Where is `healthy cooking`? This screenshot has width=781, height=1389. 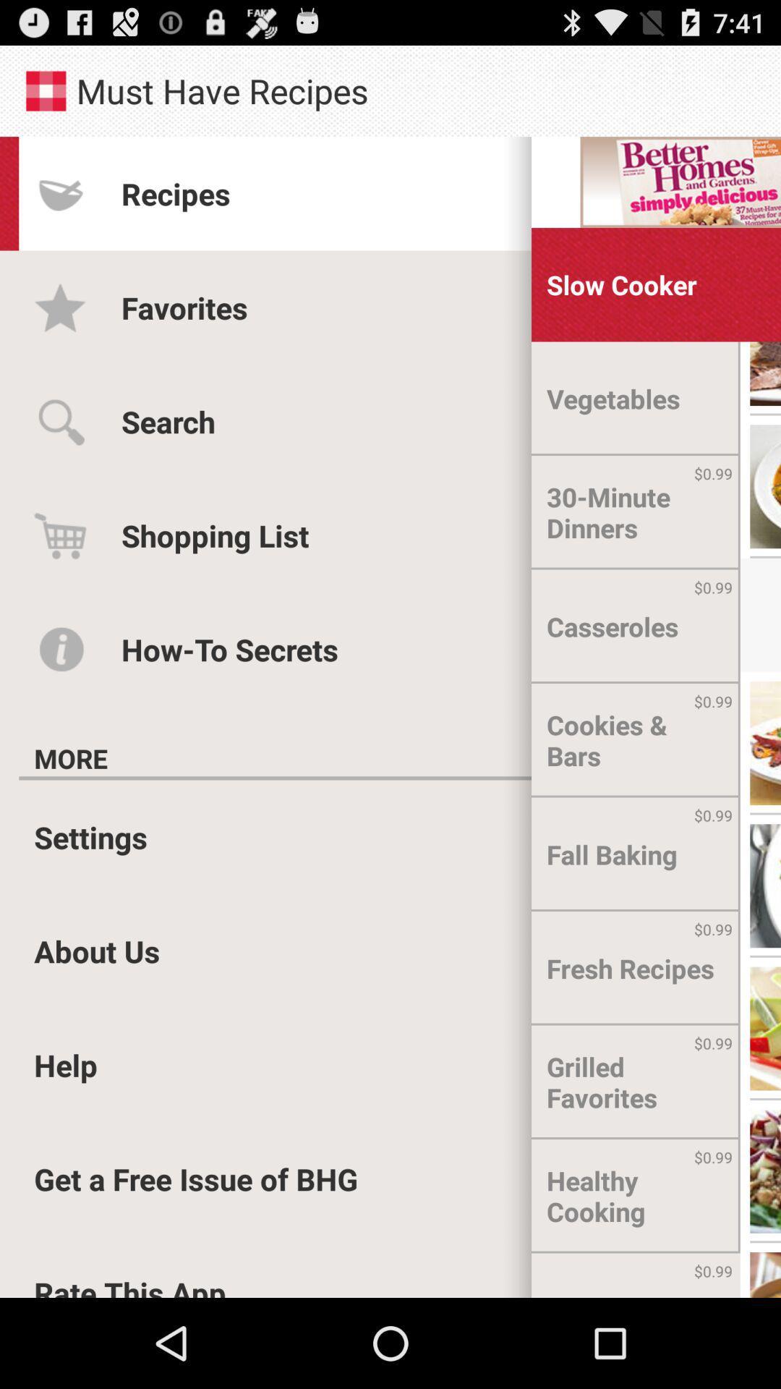 healthy cooking is located at coordinates (635, 1196).